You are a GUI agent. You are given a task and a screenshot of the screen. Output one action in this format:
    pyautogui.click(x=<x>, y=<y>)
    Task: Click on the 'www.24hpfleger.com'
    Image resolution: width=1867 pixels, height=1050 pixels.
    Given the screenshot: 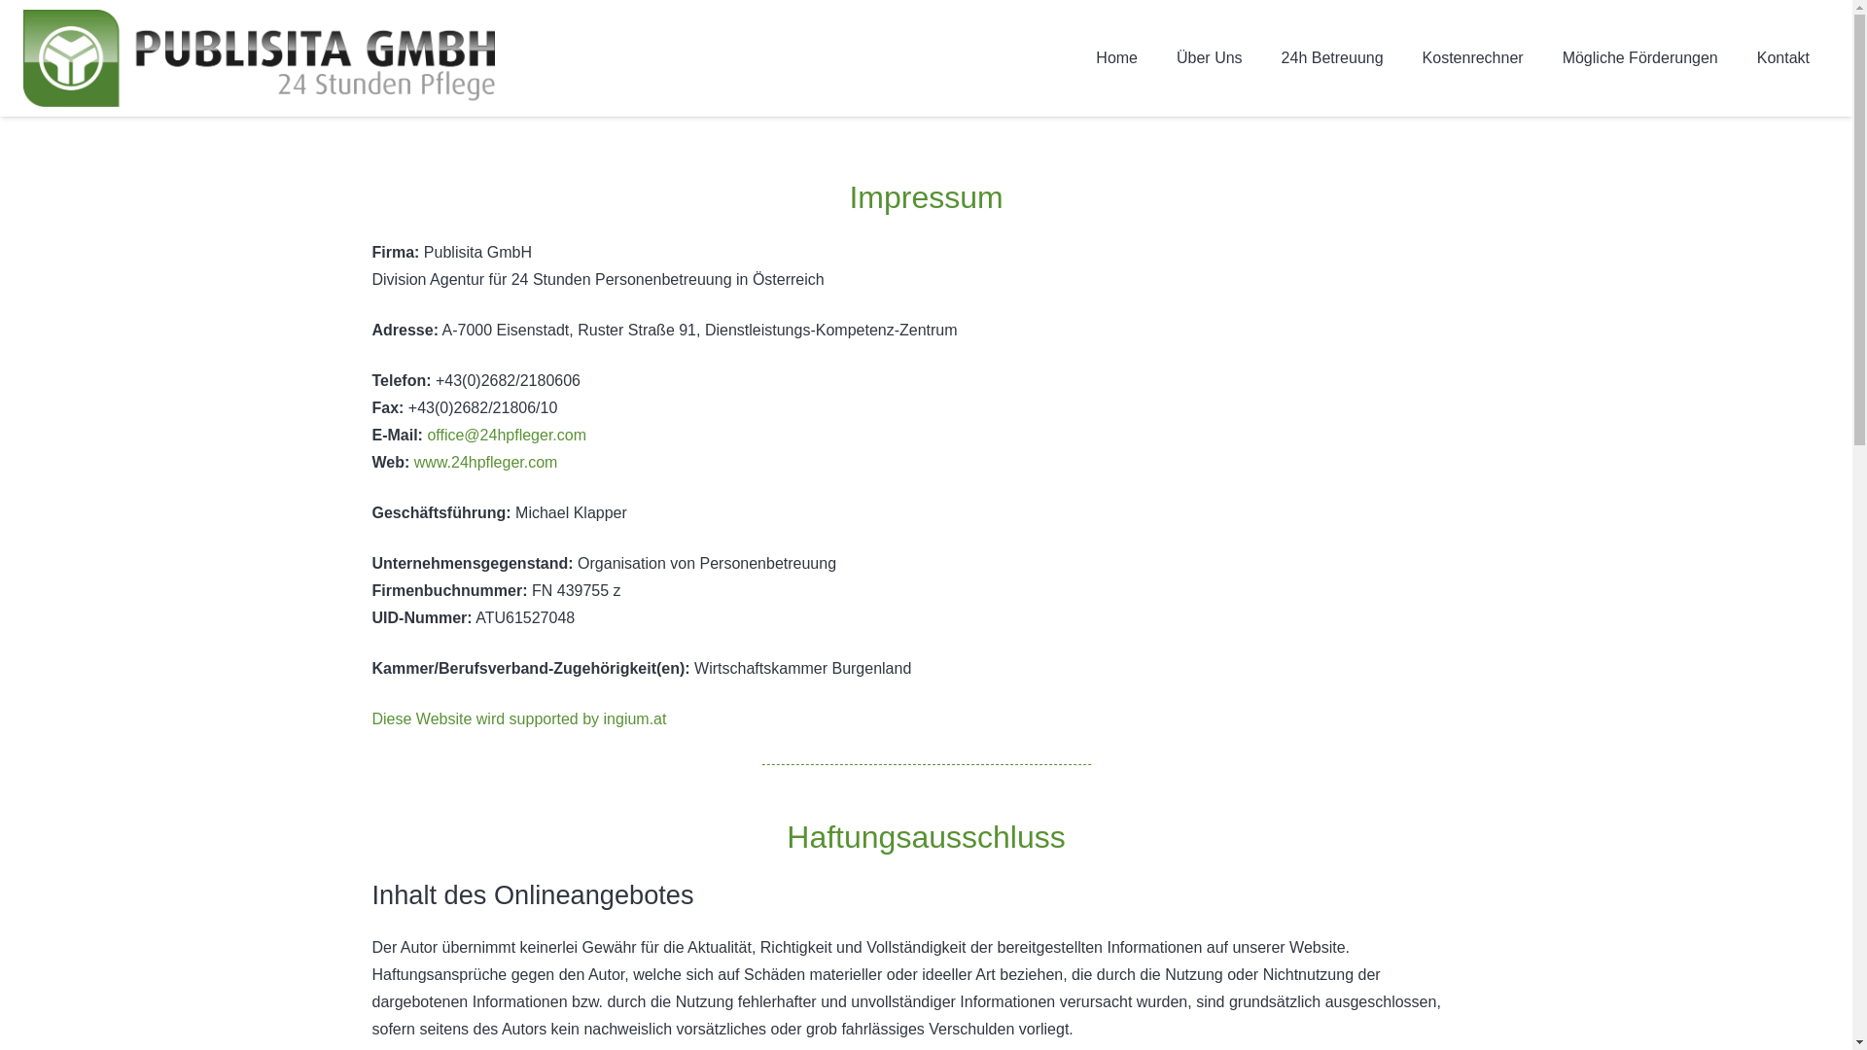 What is the action you would take?
    pyautogui.click(x=485, y=462)
    